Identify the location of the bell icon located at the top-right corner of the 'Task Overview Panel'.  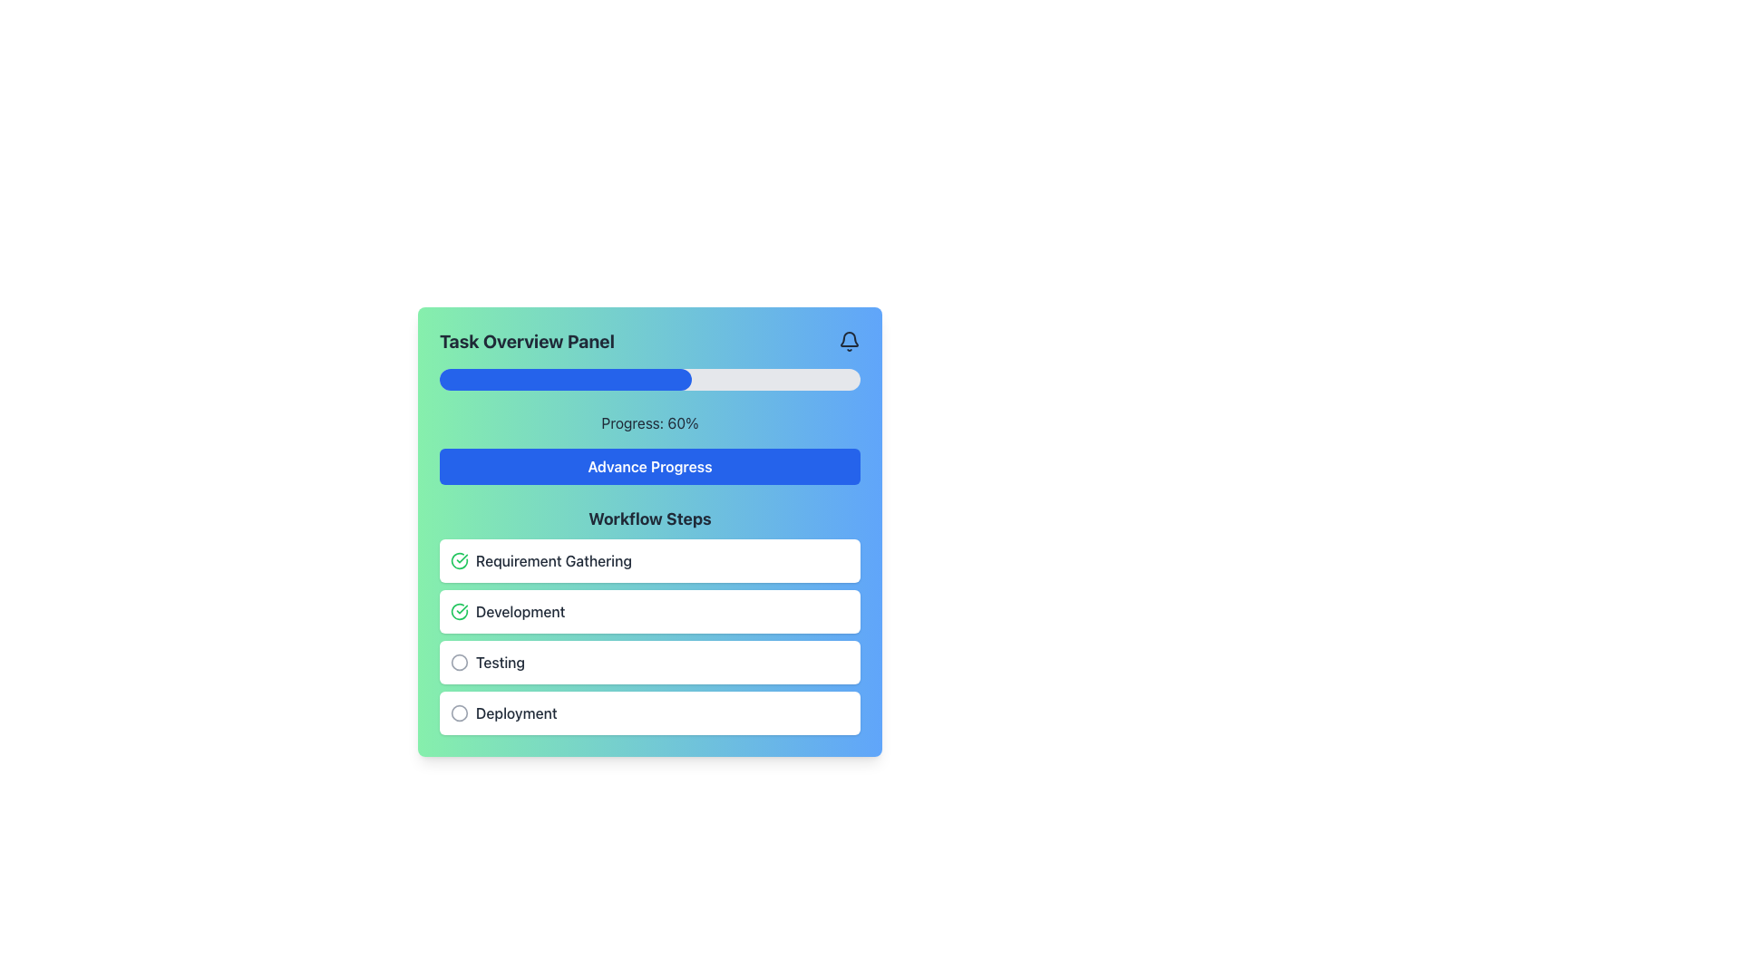
(848, 342).